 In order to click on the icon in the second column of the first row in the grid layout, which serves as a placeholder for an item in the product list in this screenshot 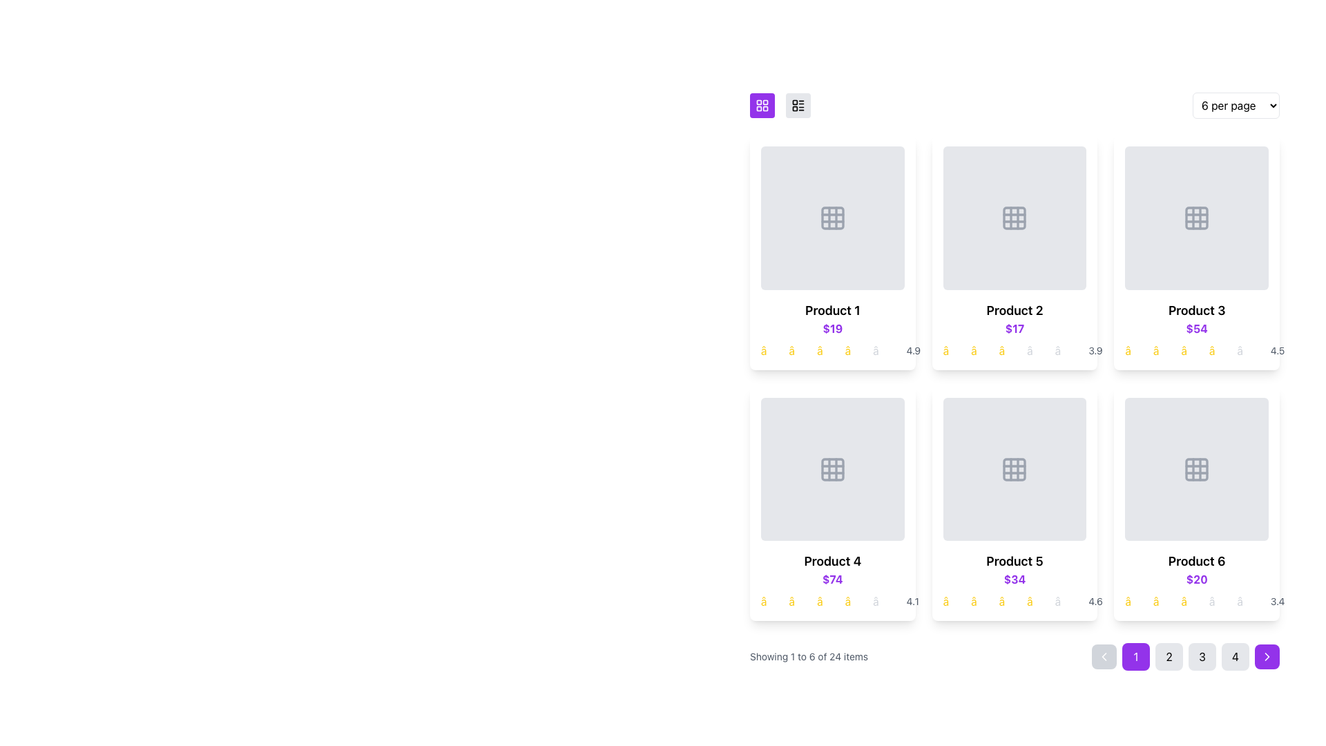, I will do `click(1015, 218)`.